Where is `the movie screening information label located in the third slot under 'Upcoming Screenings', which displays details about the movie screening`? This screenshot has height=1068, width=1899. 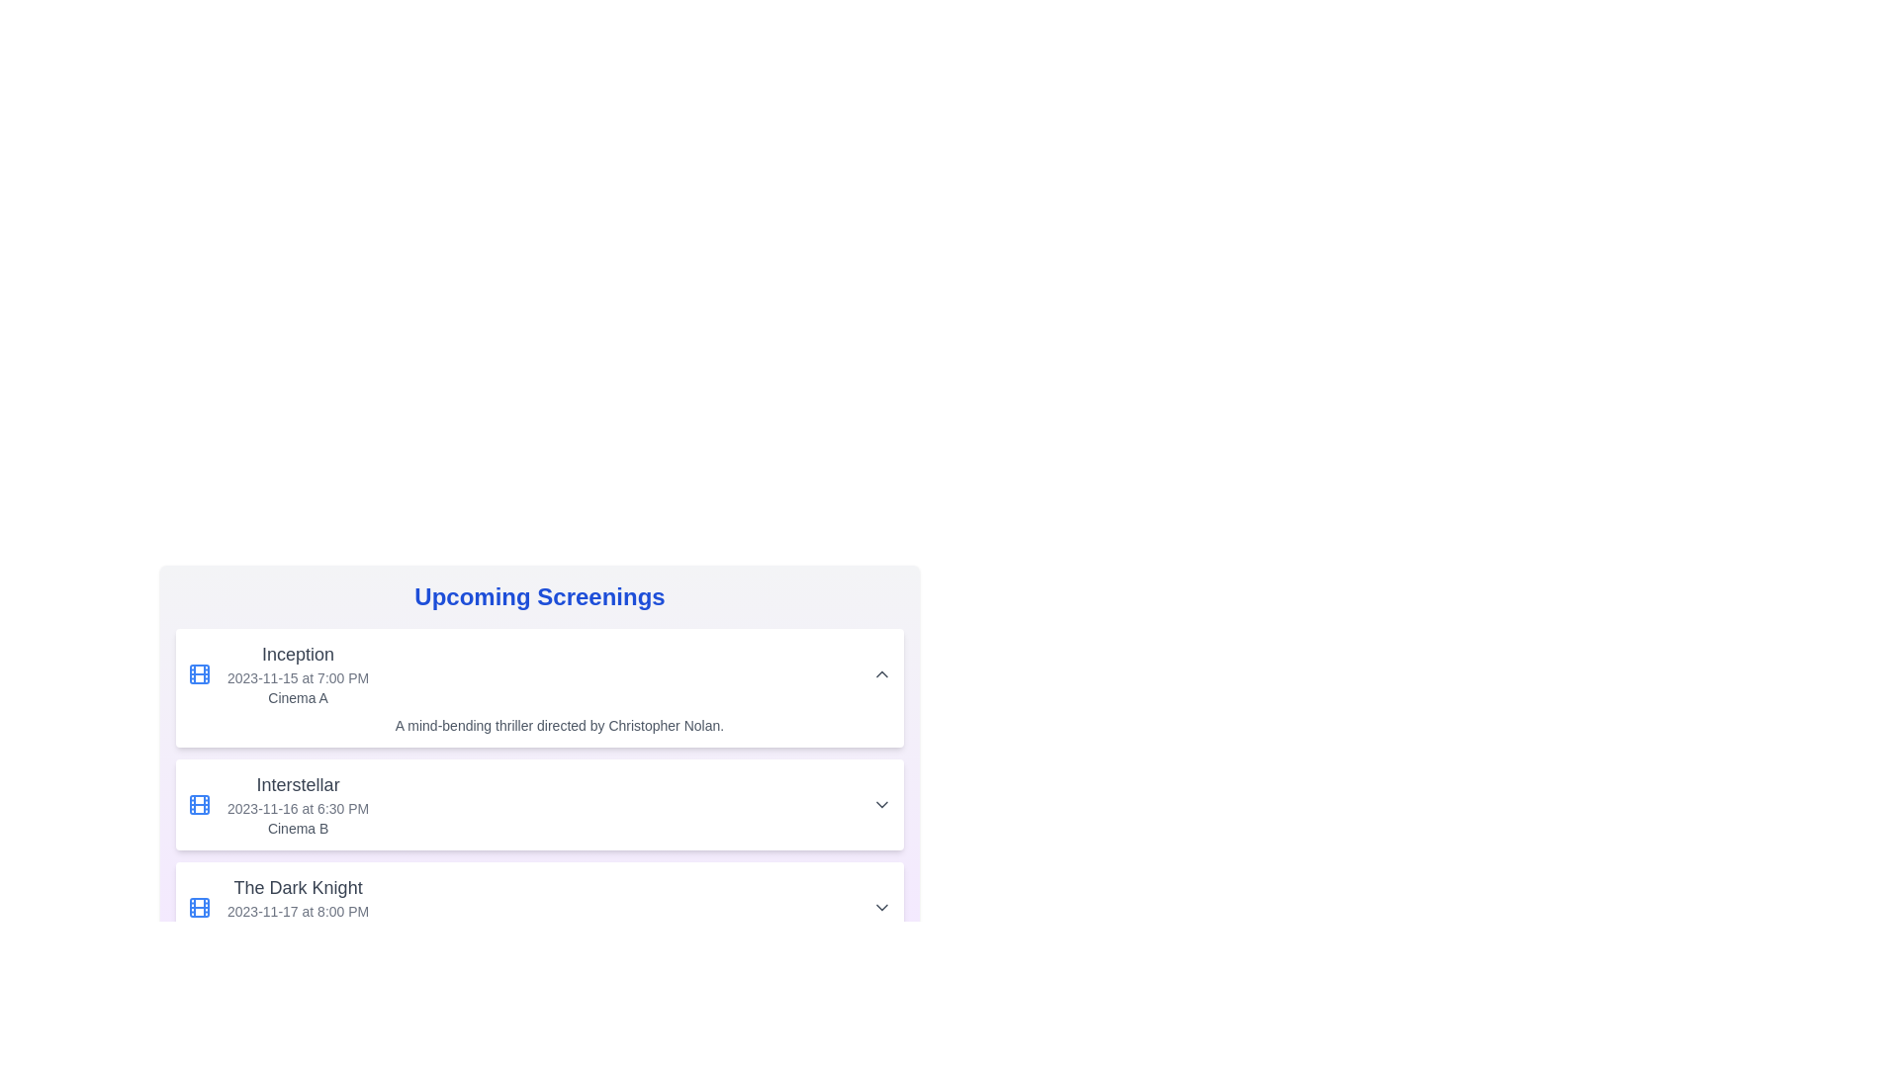 the movie screening information label located in the third slot under 'Upcoming Screenings', which displays details about the movie screening is located at coordinates (297, 908).